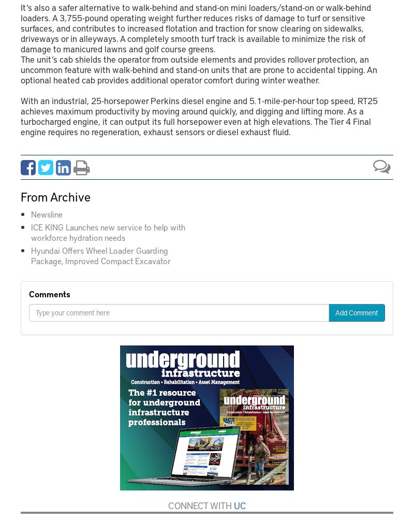  I want to click on 'The unit’s cab shields the operator from outside elements and provides rollover protection, an uncommon feature with walk-behind and stand-on units that are prone to accidental tipping. An optional heated cab provides additional operator comfort during winter weather.', so click(198, 69).